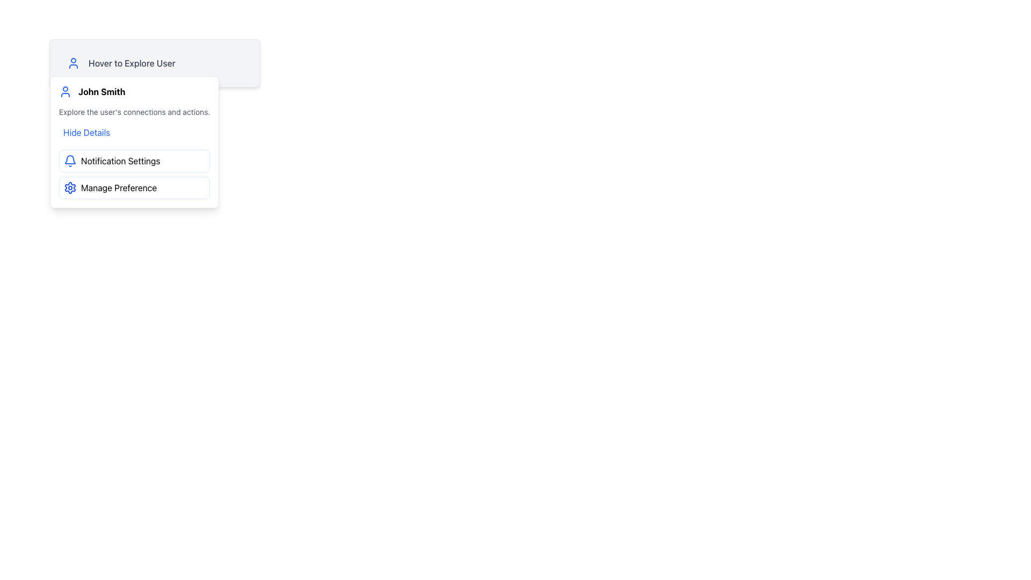  I want to click on the text label displaying 'John Smith' within the dropdown menu component, so click(101, 91).